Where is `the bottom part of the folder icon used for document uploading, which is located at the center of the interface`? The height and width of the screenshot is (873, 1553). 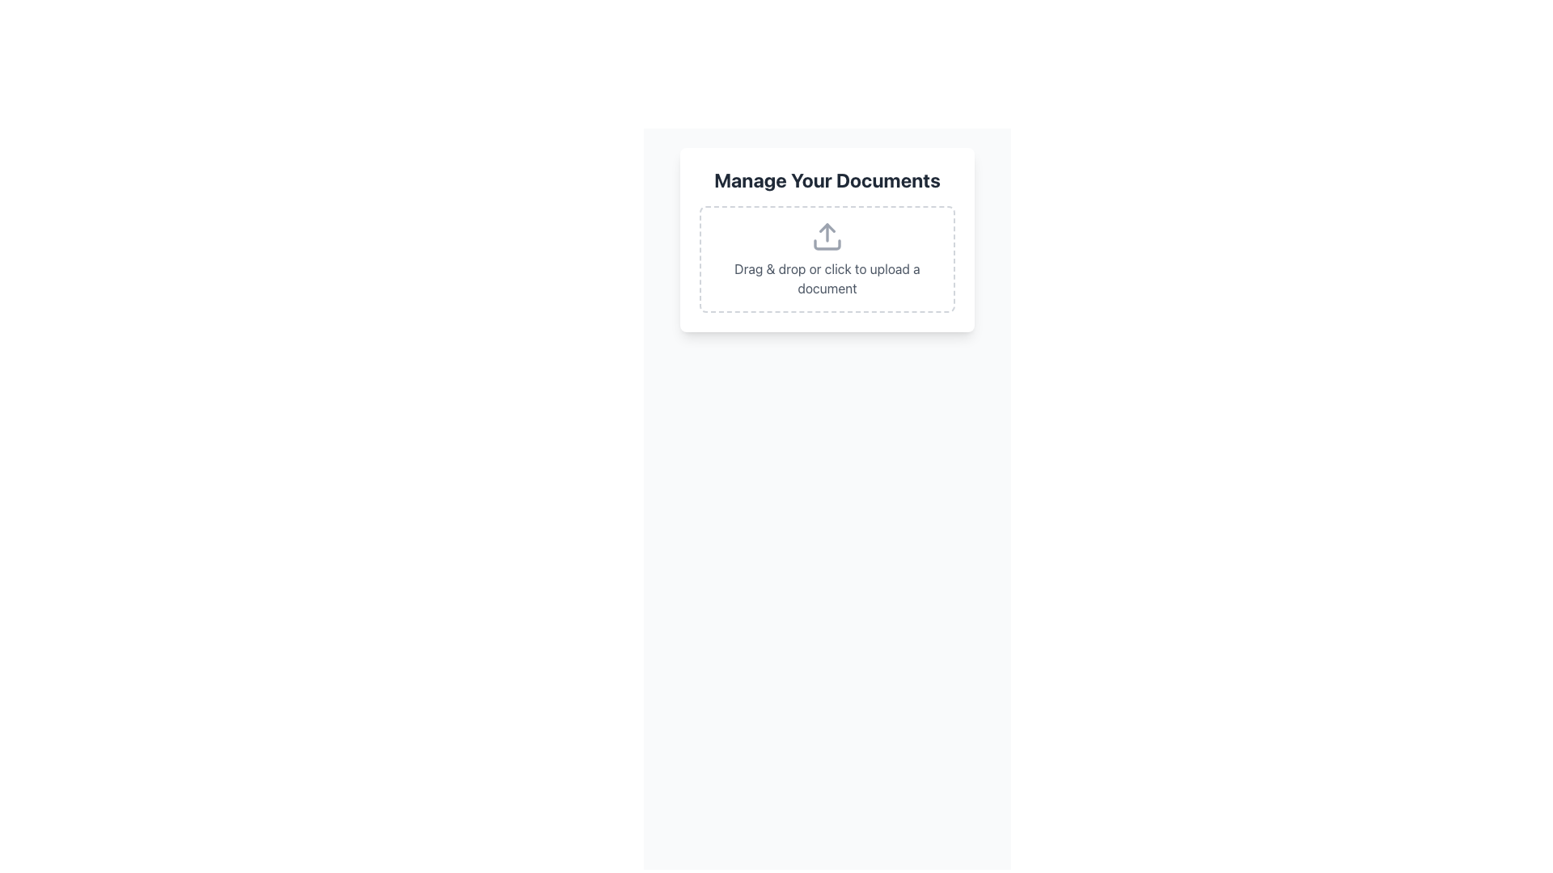 the bottom part of the folder icon used for document uploading, which is located at the center of the interface is located at coordinates (827, 245).